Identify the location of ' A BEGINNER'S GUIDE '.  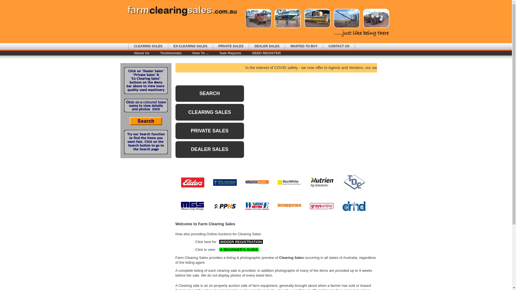
(238, 249).